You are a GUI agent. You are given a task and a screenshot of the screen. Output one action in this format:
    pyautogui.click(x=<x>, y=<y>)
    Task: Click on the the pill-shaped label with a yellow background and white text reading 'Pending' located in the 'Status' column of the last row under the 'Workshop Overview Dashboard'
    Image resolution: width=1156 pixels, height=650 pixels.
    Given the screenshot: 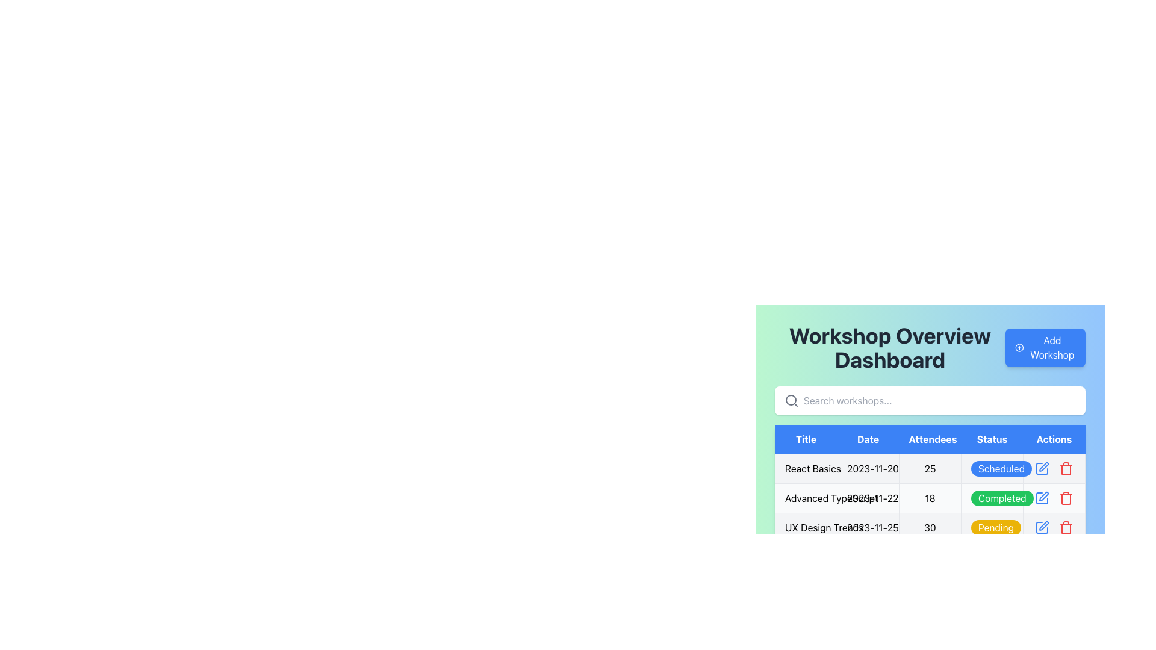 What is the action you would take?
    pyautogui.click(x=996, y=527)
    